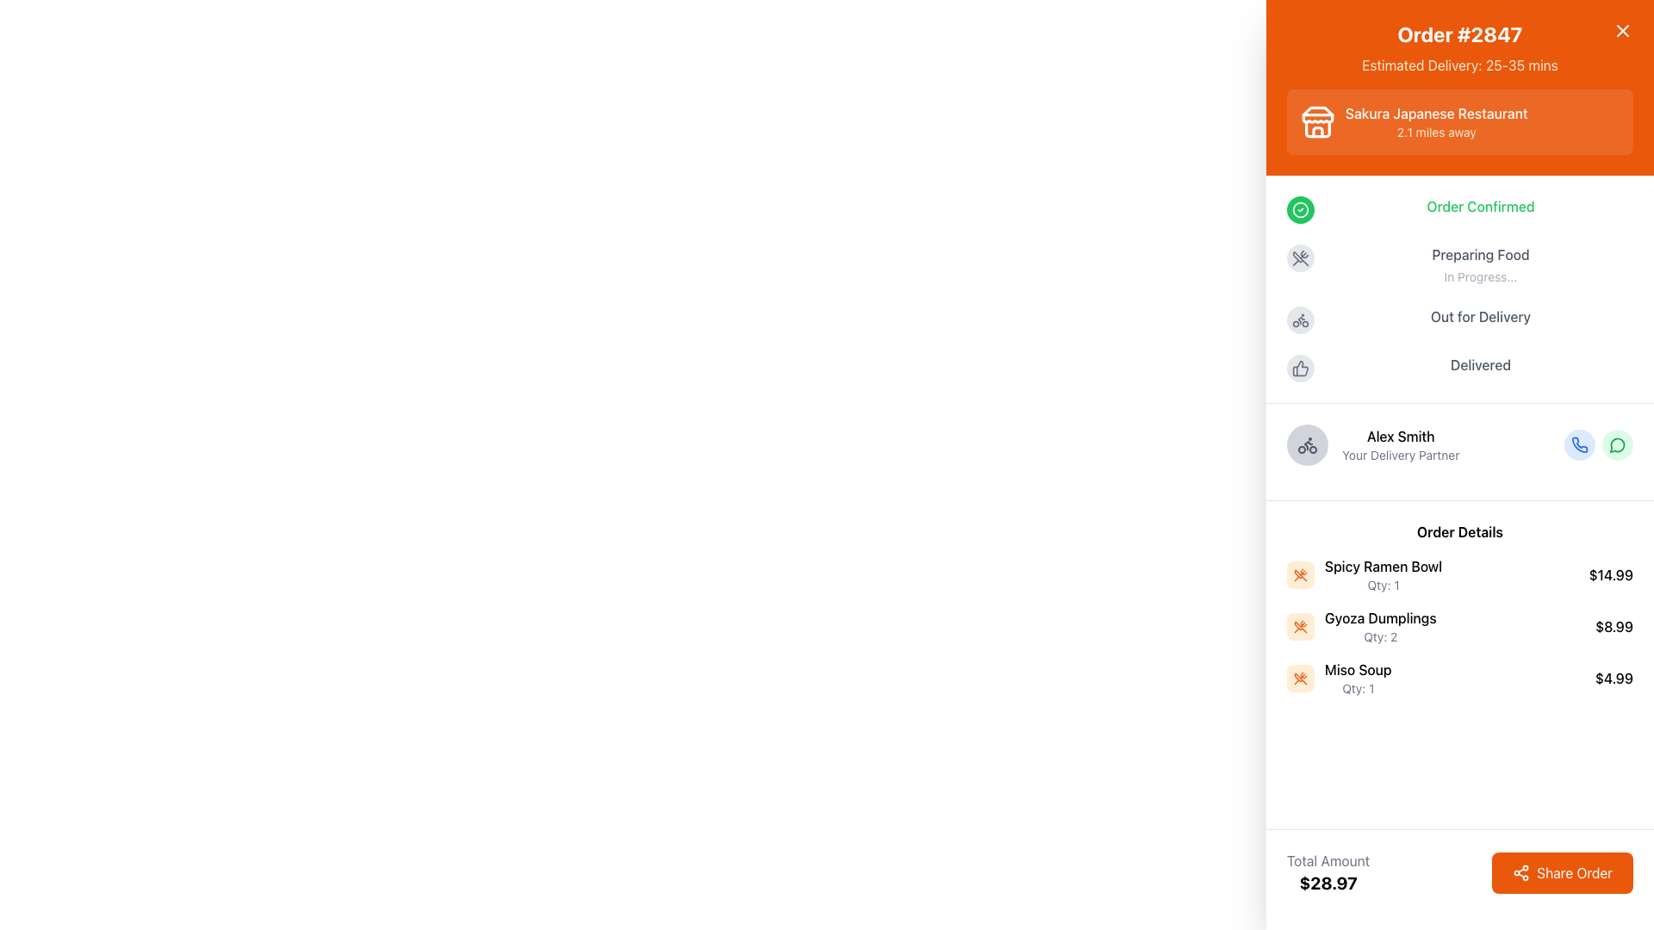 Image resolution: width=1654 pixels, height=930 pixels. What do you see at coordinates (1380, 627) in the screenshot?
I see `the Text element displaying 'Gyoza Dumplings' with quantity 'Qty: 2' in the 'Order Details' section, which is the second item in the vertical list on the right-hand sidebar` at bounding box center [1380, 627].